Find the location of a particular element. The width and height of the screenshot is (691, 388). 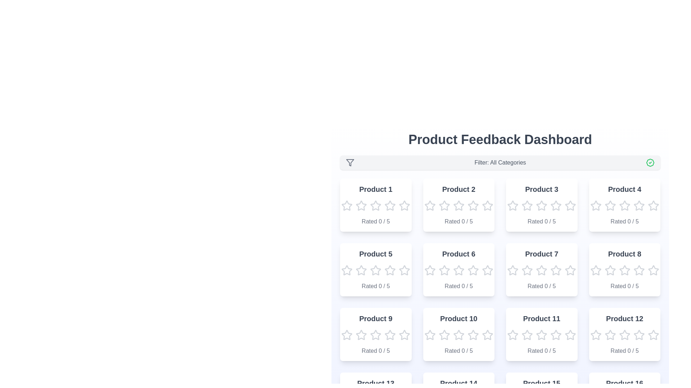

the rating for a product card to 2 stars is located at coordinates (361, 206).